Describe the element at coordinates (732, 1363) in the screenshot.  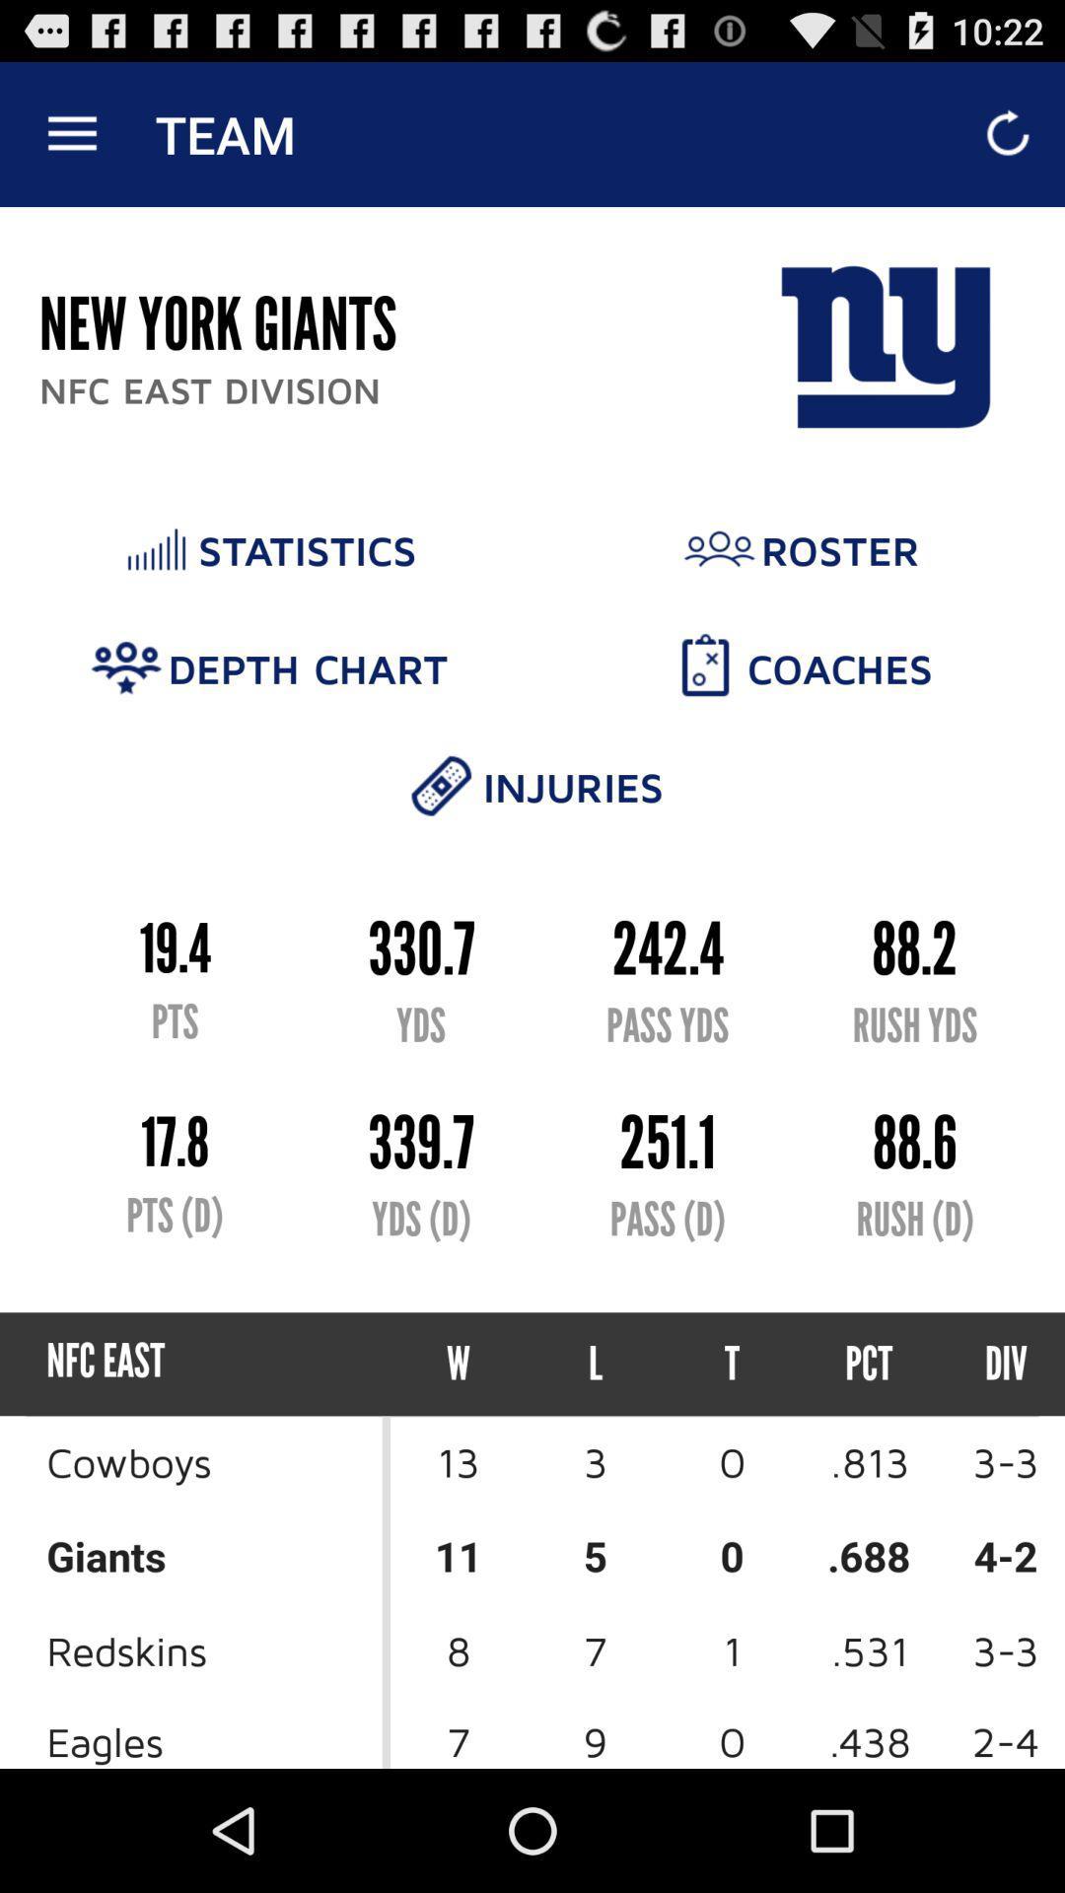
I see `the icon next to the l icon` at that location.